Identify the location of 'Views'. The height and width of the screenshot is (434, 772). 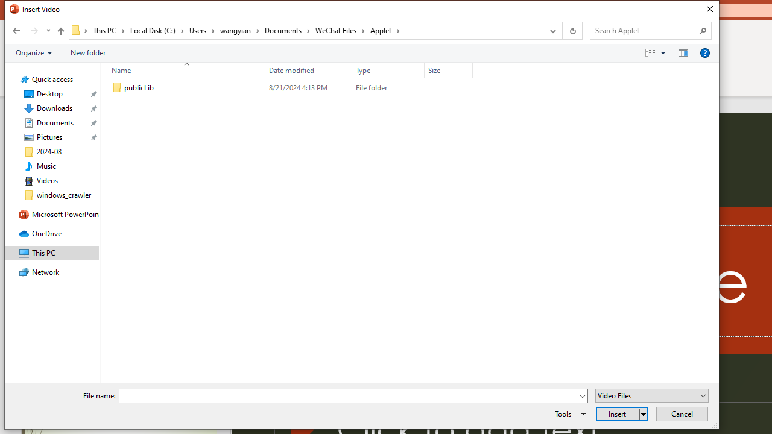
(657, 52).